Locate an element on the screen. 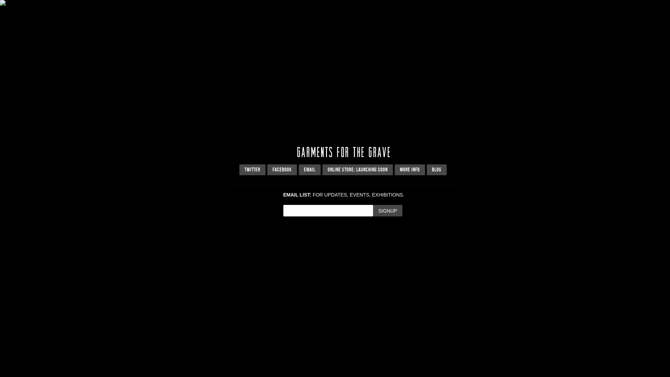 The height and width of the screenshot is (377, 670). 'FACEBOOK' is located at coordinates (282, 170).